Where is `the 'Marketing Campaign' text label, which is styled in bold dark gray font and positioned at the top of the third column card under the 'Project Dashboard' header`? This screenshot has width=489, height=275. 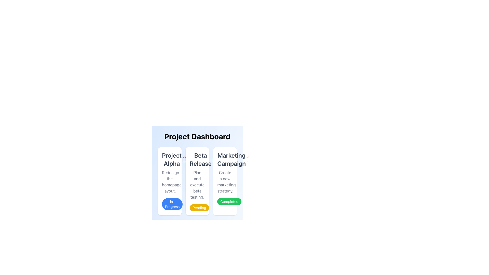 the 'Marketing Campaign' text label, which is styled in bold dark gray font and positioned at the top of the third column card under the 'Project Dashboard' header is located at coordinates (231, 159).